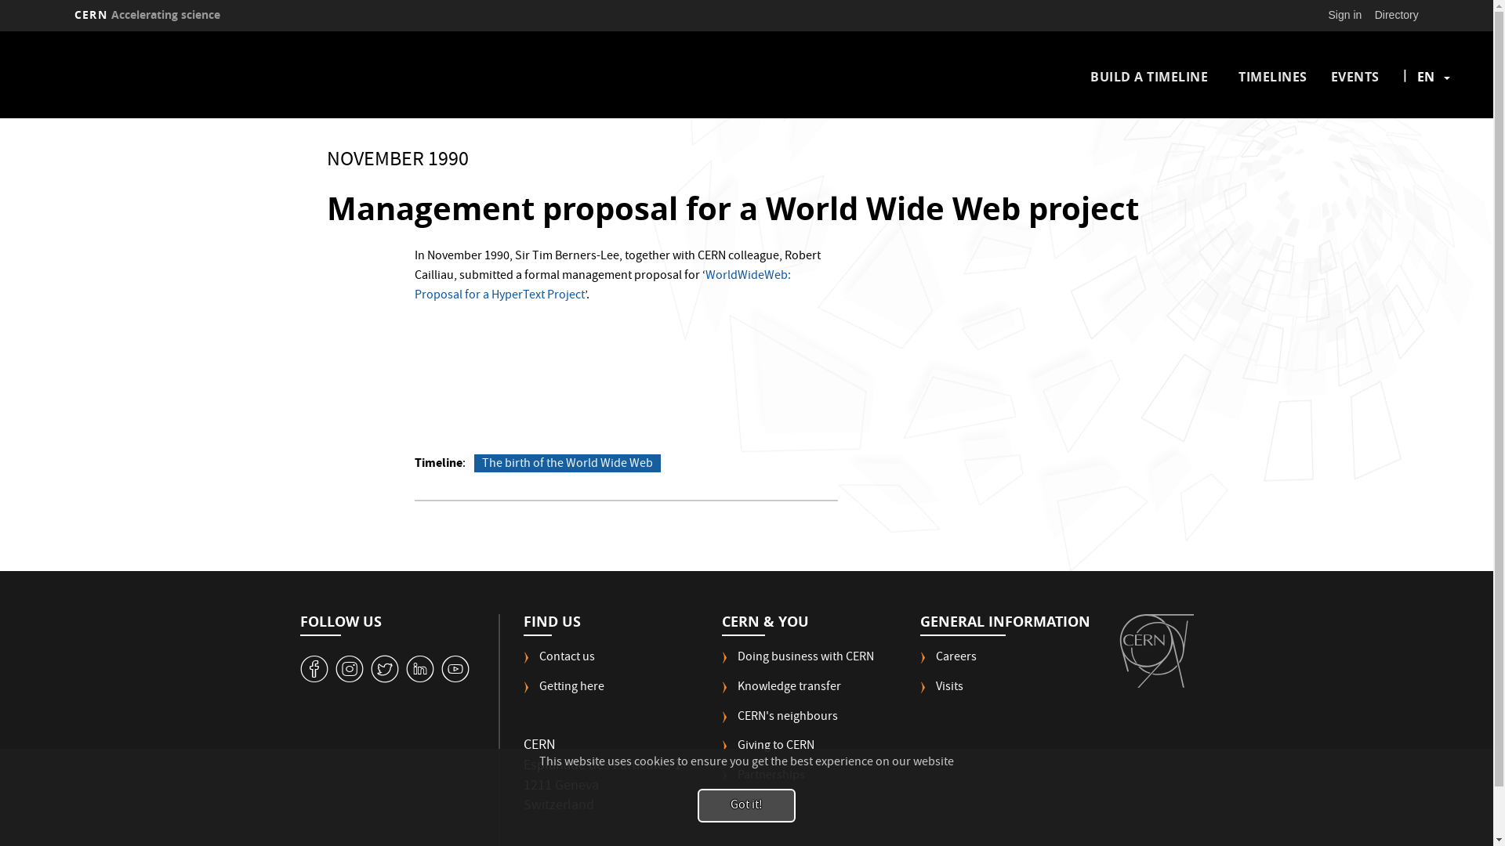  I want to click on 'WorldWideWeb: Proposal for a HyperText Project', so click(601, 286).